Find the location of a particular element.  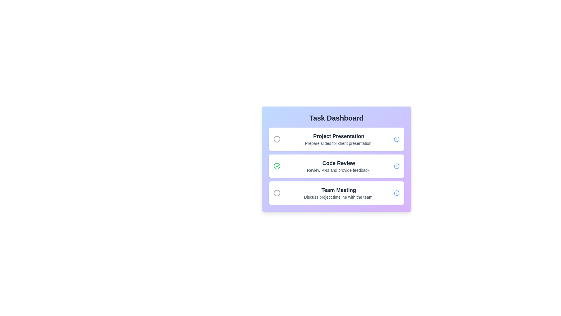

the information icon for the task titled 'Team Meeting' to read its details is located at coordinates (396, 193).